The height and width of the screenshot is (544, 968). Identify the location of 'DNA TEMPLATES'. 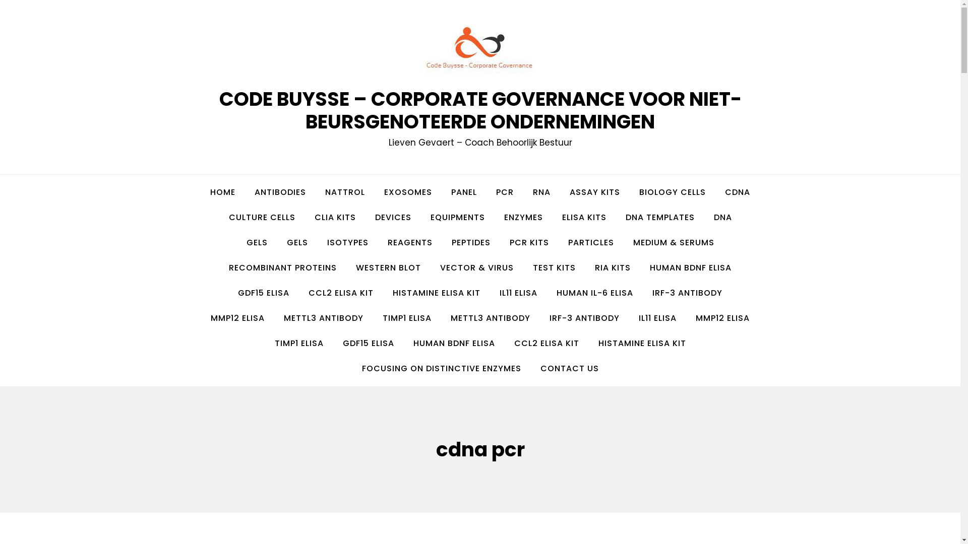
(660, 217).